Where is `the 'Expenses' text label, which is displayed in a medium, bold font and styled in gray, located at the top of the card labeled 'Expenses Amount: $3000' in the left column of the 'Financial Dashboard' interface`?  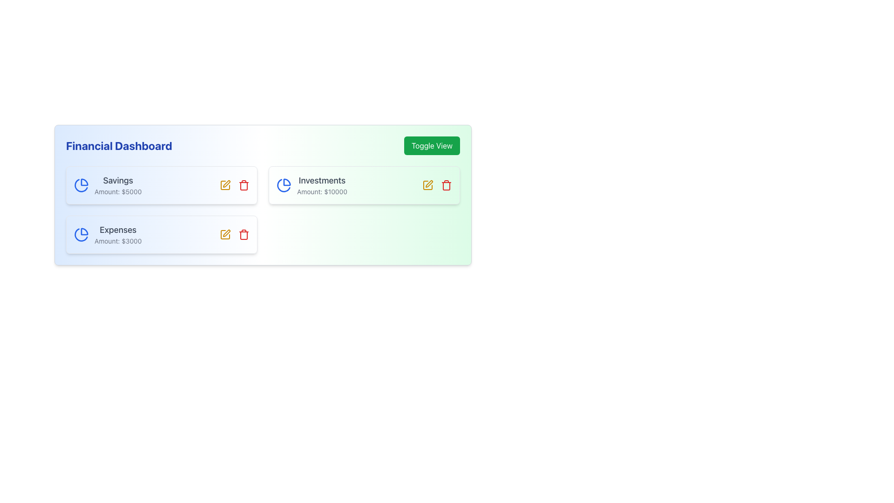
the 'Expenses' text label, which is displayed in a medium, bold font and styled in gray, located at the top of the card labeled 'Expenses Amount: $3000' in the left column of the 'Financial Dashboard' interface is located at coordinates (117, 230).